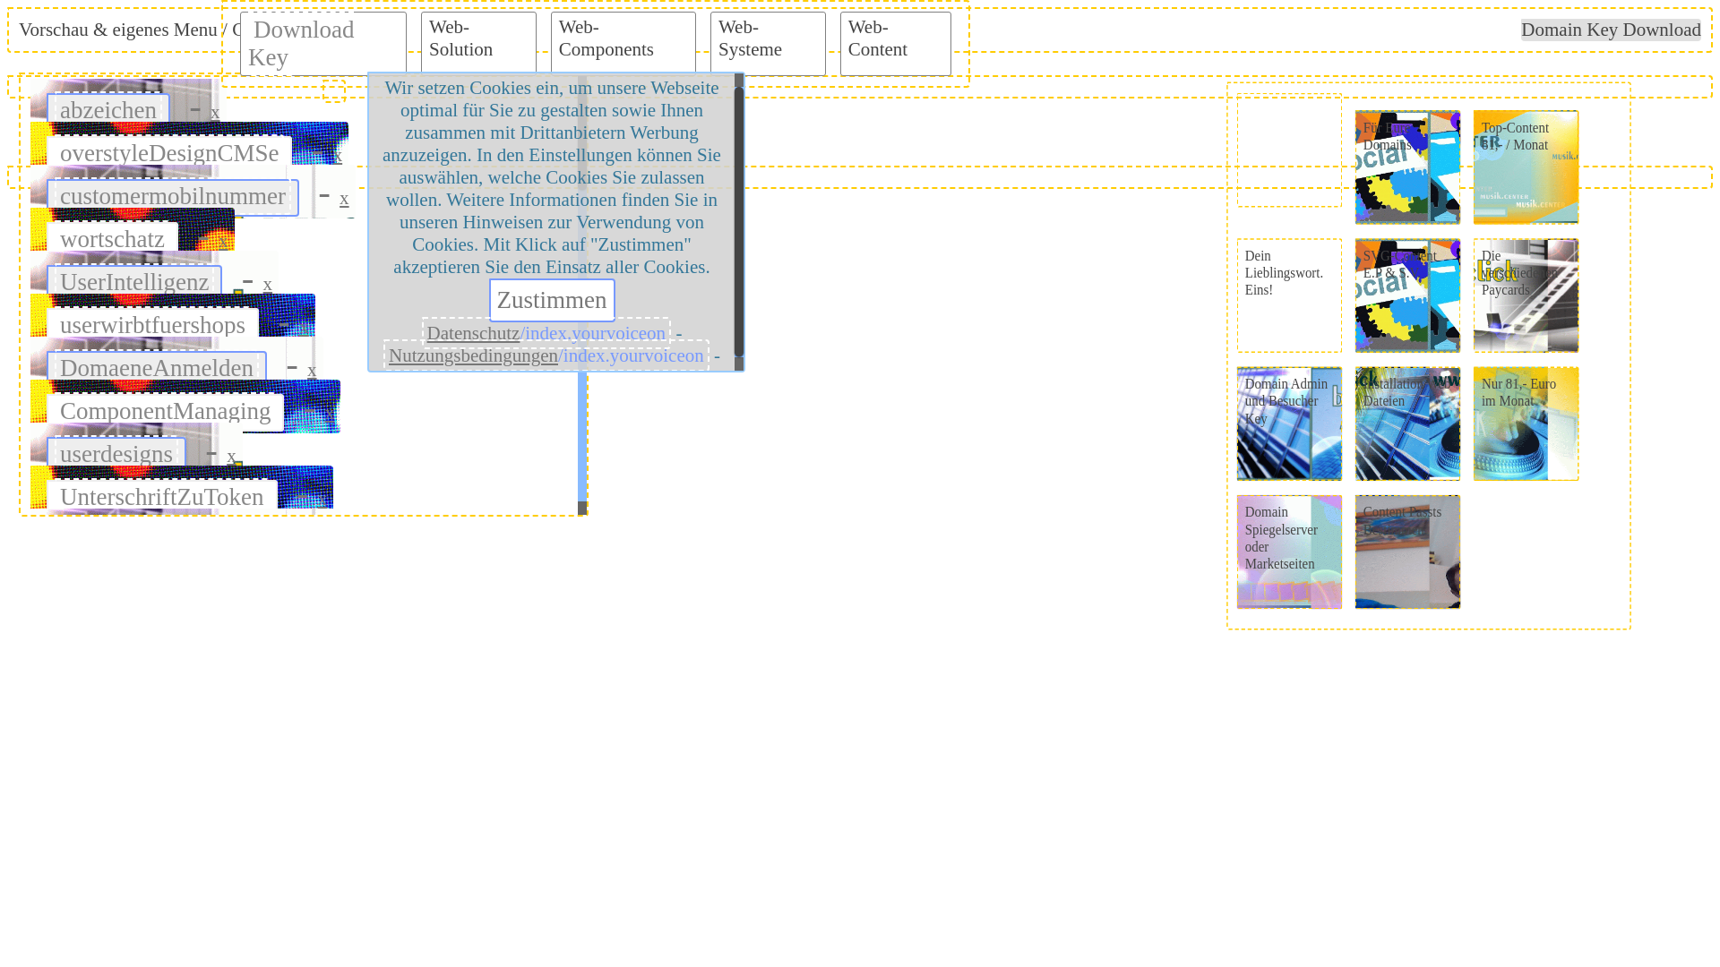 This screenshot has width=1720, height=967. Describe the element at coordinates (551, 299) in the screenshot. I see `'Zustimmen'` at that location.